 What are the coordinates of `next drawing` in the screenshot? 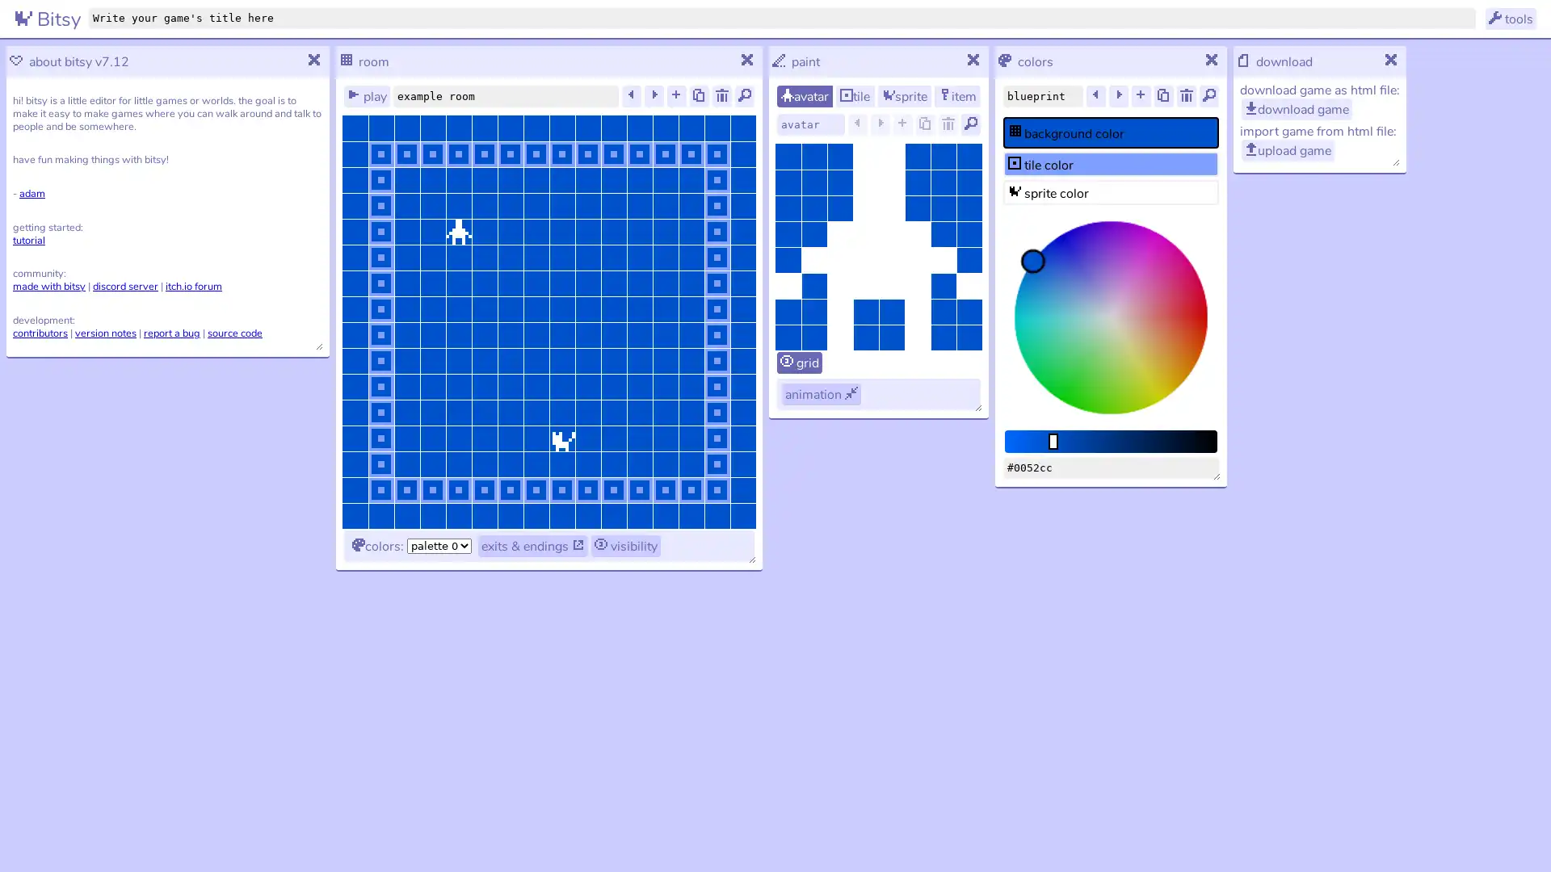 It's located at (879, 124).